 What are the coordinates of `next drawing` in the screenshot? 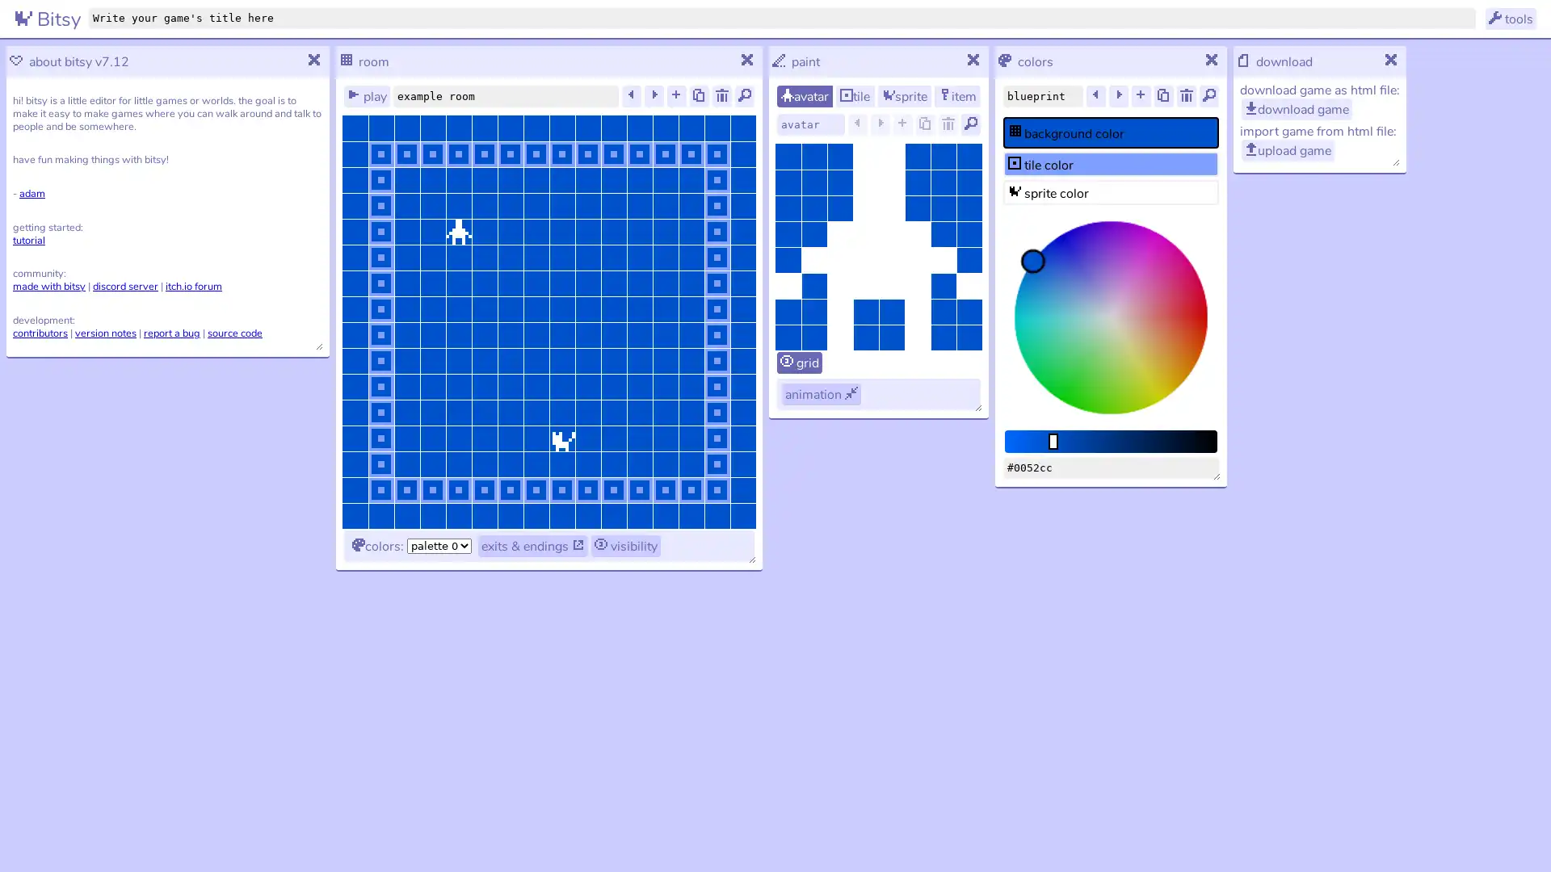 It's located at (879, 124).